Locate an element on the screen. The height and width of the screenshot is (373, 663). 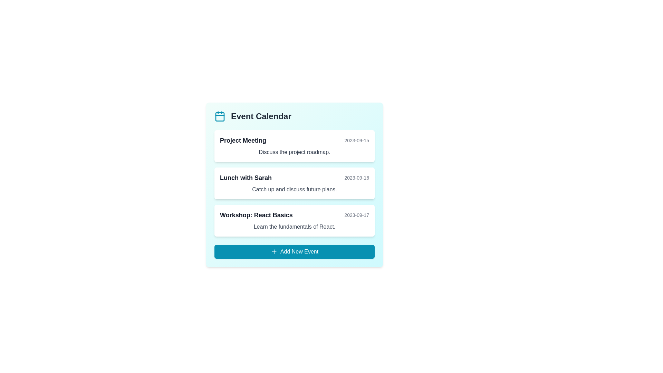
the event titled Lunch with Sarah to view its details is located at coordinates (295, 183).